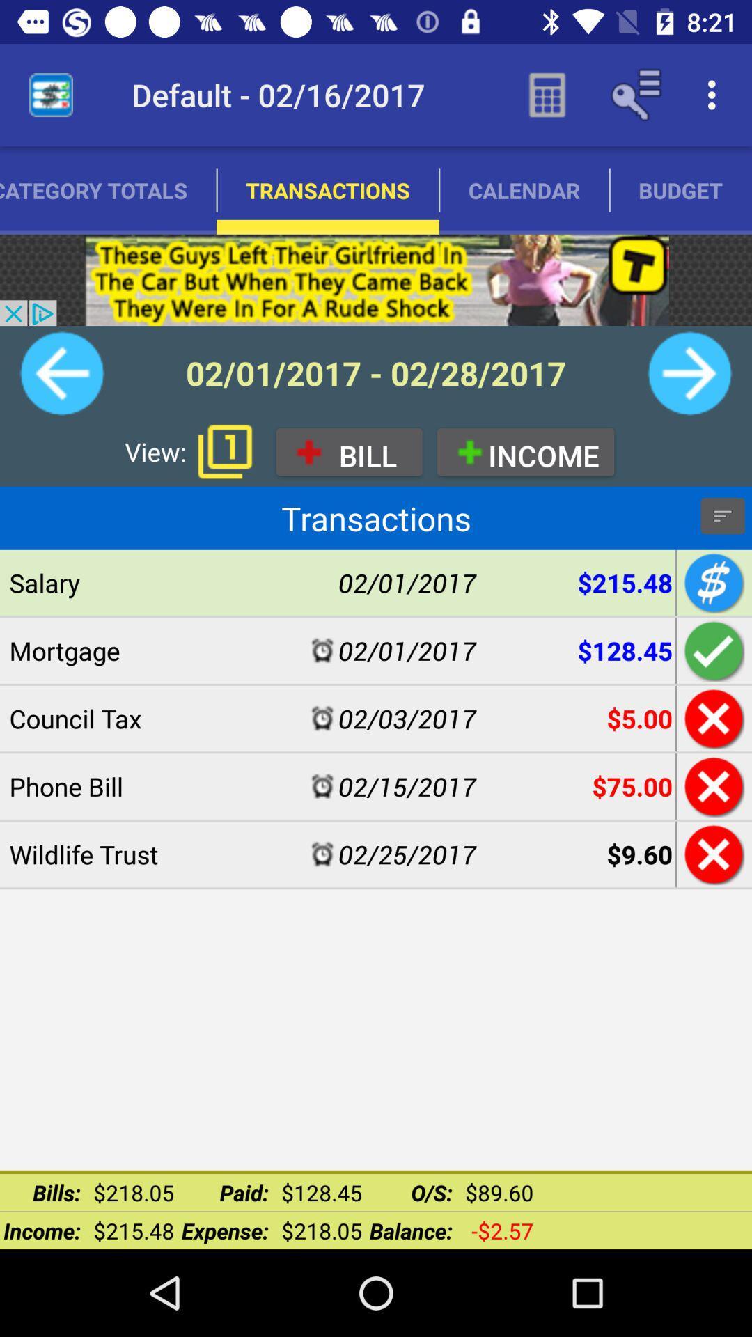 The width and height of the screenshot is (752, 1337). What do you see at coordinates (712, 786) in the screenshot?
I see `remove transaction` at bounding box center [712, 786].